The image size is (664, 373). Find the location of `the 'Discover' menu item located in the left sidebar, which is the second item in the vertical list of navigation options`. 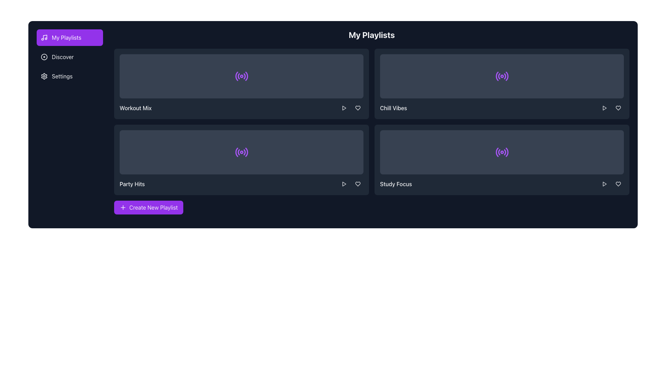

the 'Discover' menu item located in the left sidebar, which is the second item in the vertical list of navigation options is located at coordinates (70, 57).